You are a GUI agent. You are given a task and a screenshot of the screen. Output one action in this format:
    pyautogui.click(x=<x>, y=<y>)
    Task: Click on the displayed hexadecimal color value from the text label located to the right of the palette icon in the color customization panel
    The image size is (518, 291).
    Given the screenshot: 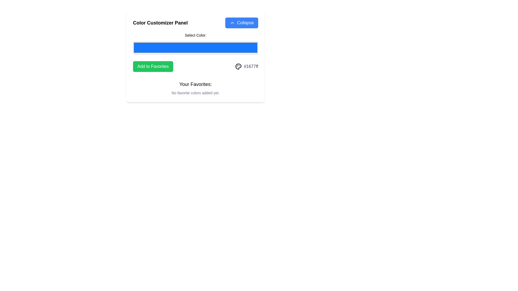 What is the action you would take?
    pyautogui.click(x=251, y=66)
    